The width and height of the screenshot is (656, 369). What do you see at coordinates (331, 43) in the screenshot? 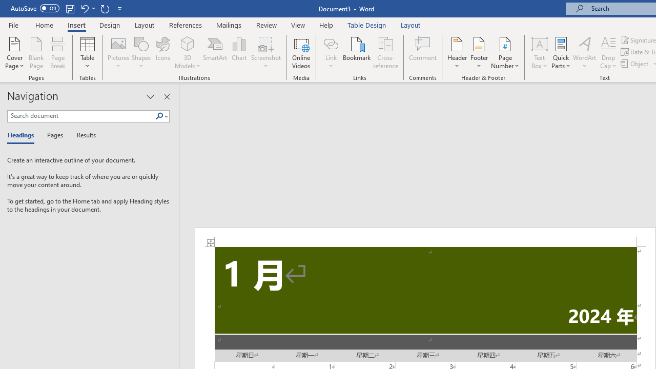
I see `'Link'` at bounding box center [331, 43].